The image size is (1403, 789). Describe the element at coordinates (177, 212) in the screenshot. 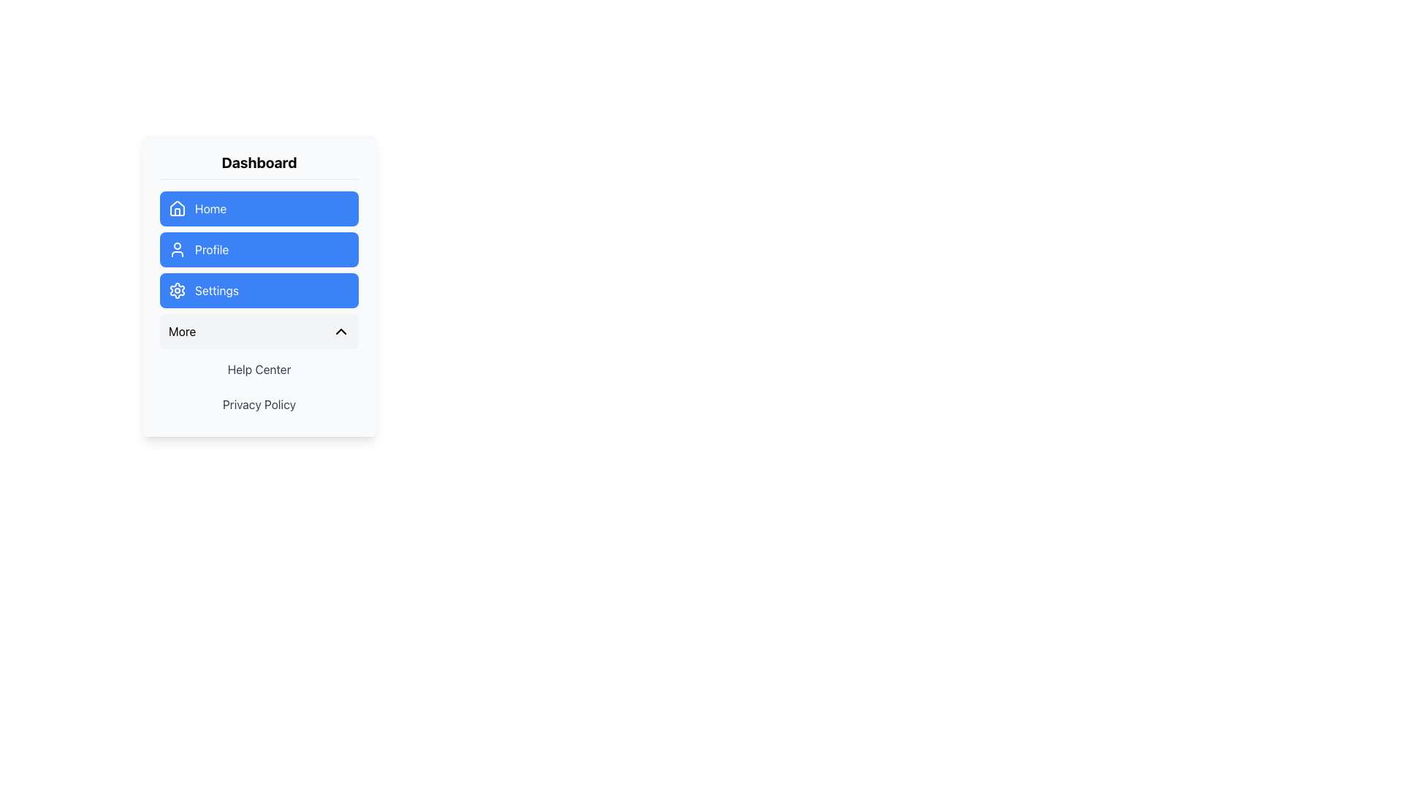

I see `the SVG icon representing the 'Home' feature located to the left of the 'Home' button under the 'Dashboard' header` at that location.